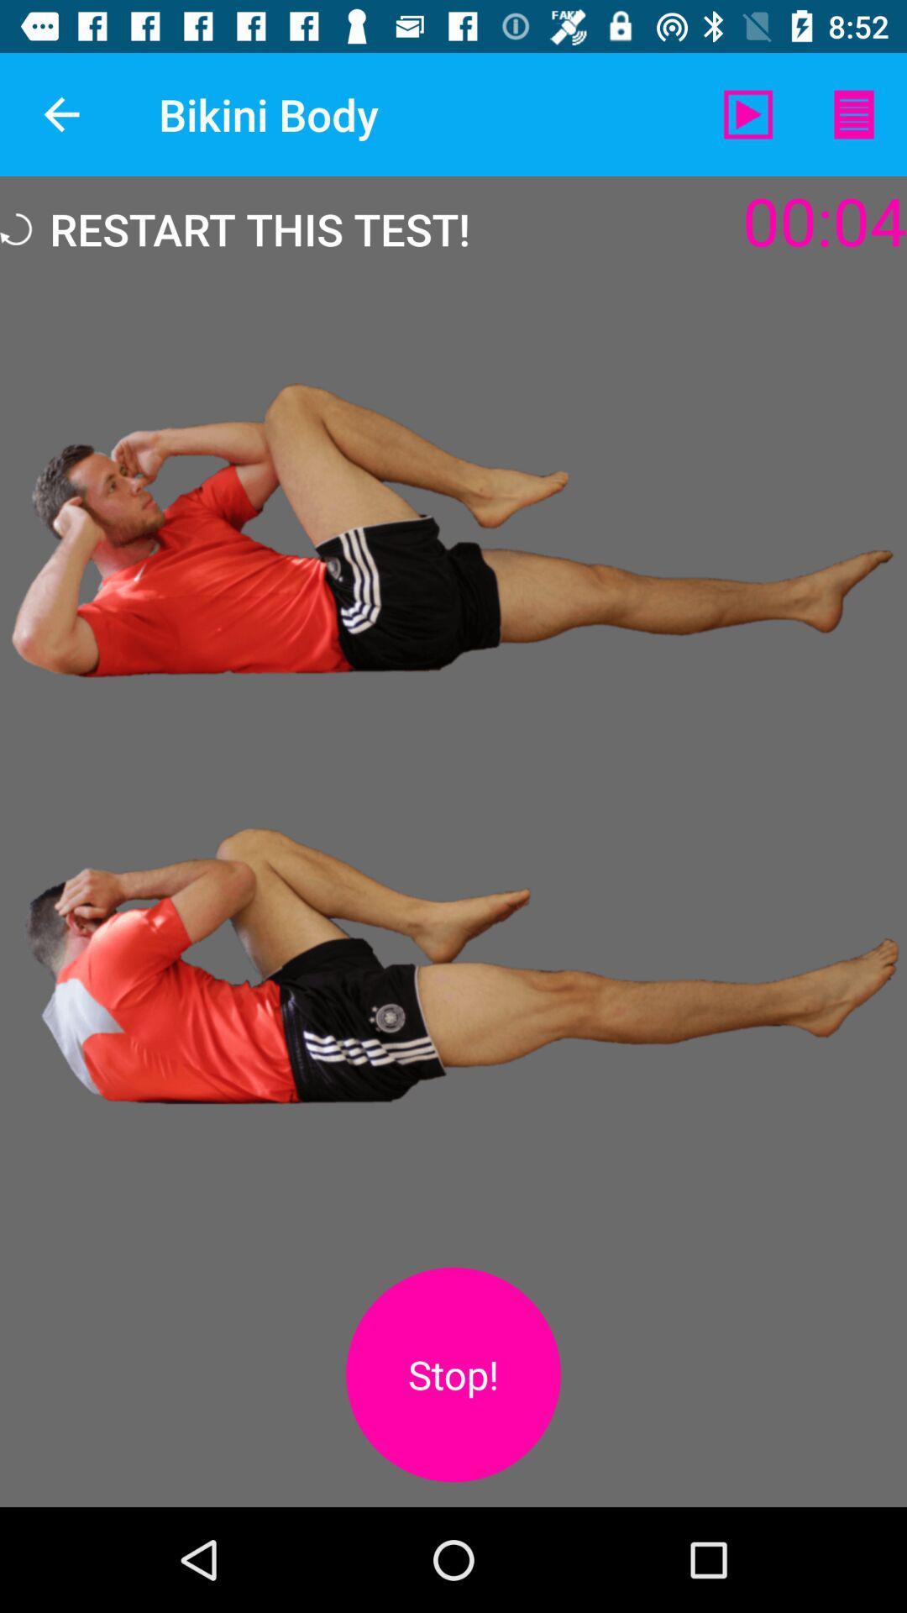 This screenshot has height=1613, width=907. I want to click on restart this test! icon, so click(235, 229).